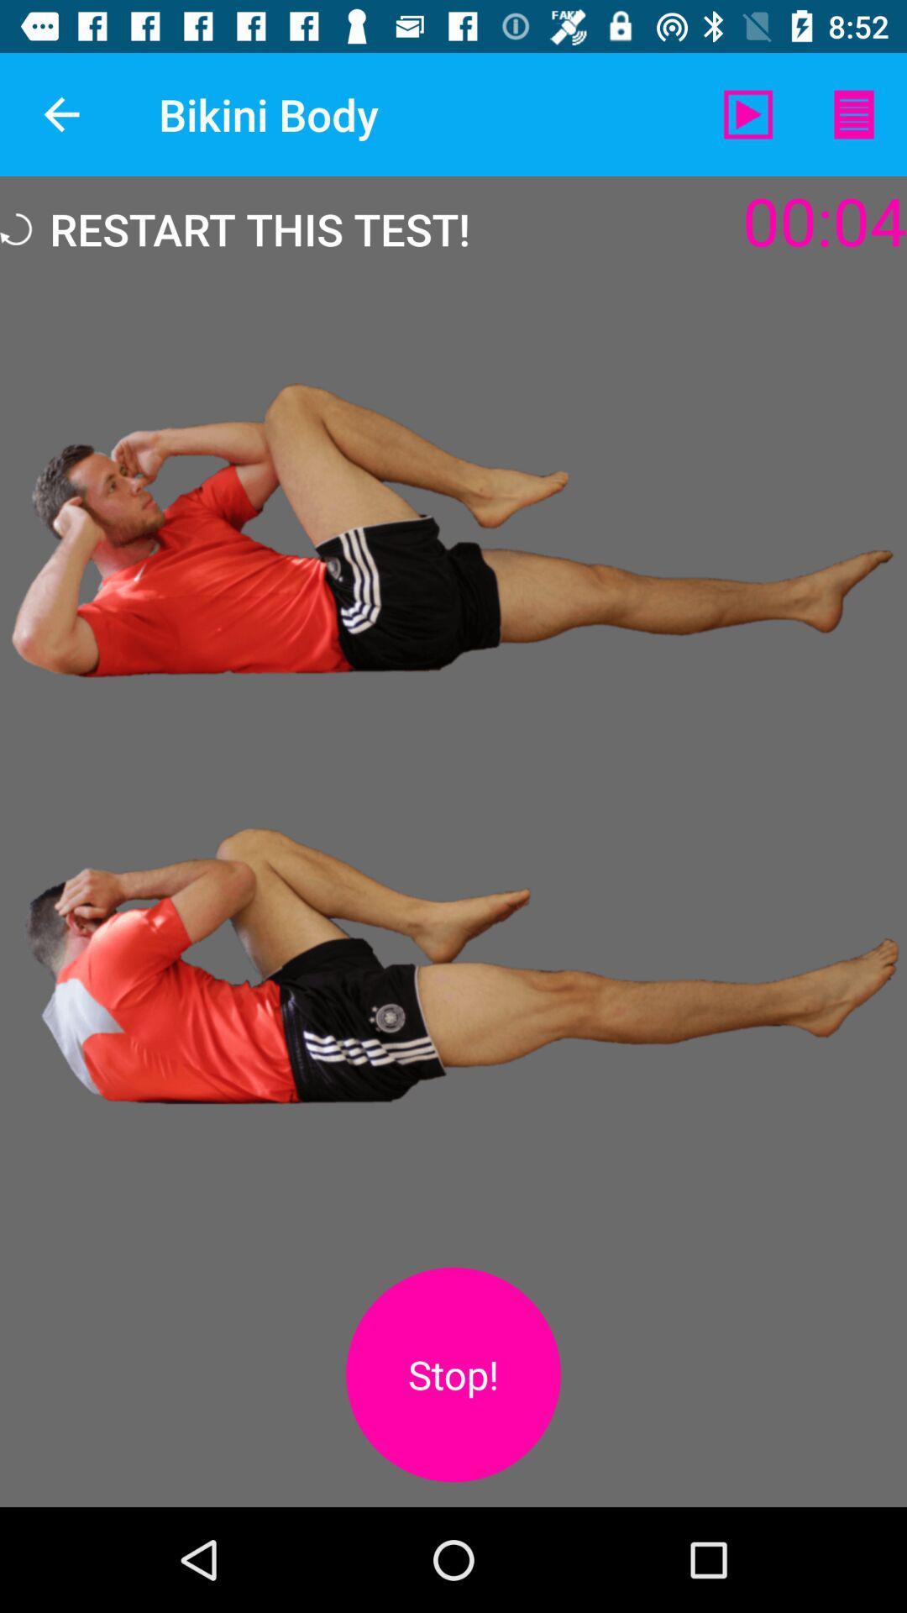 This screenshot has height=1613, width=907. I want to click on restart this test! icon, so click(235, 229).